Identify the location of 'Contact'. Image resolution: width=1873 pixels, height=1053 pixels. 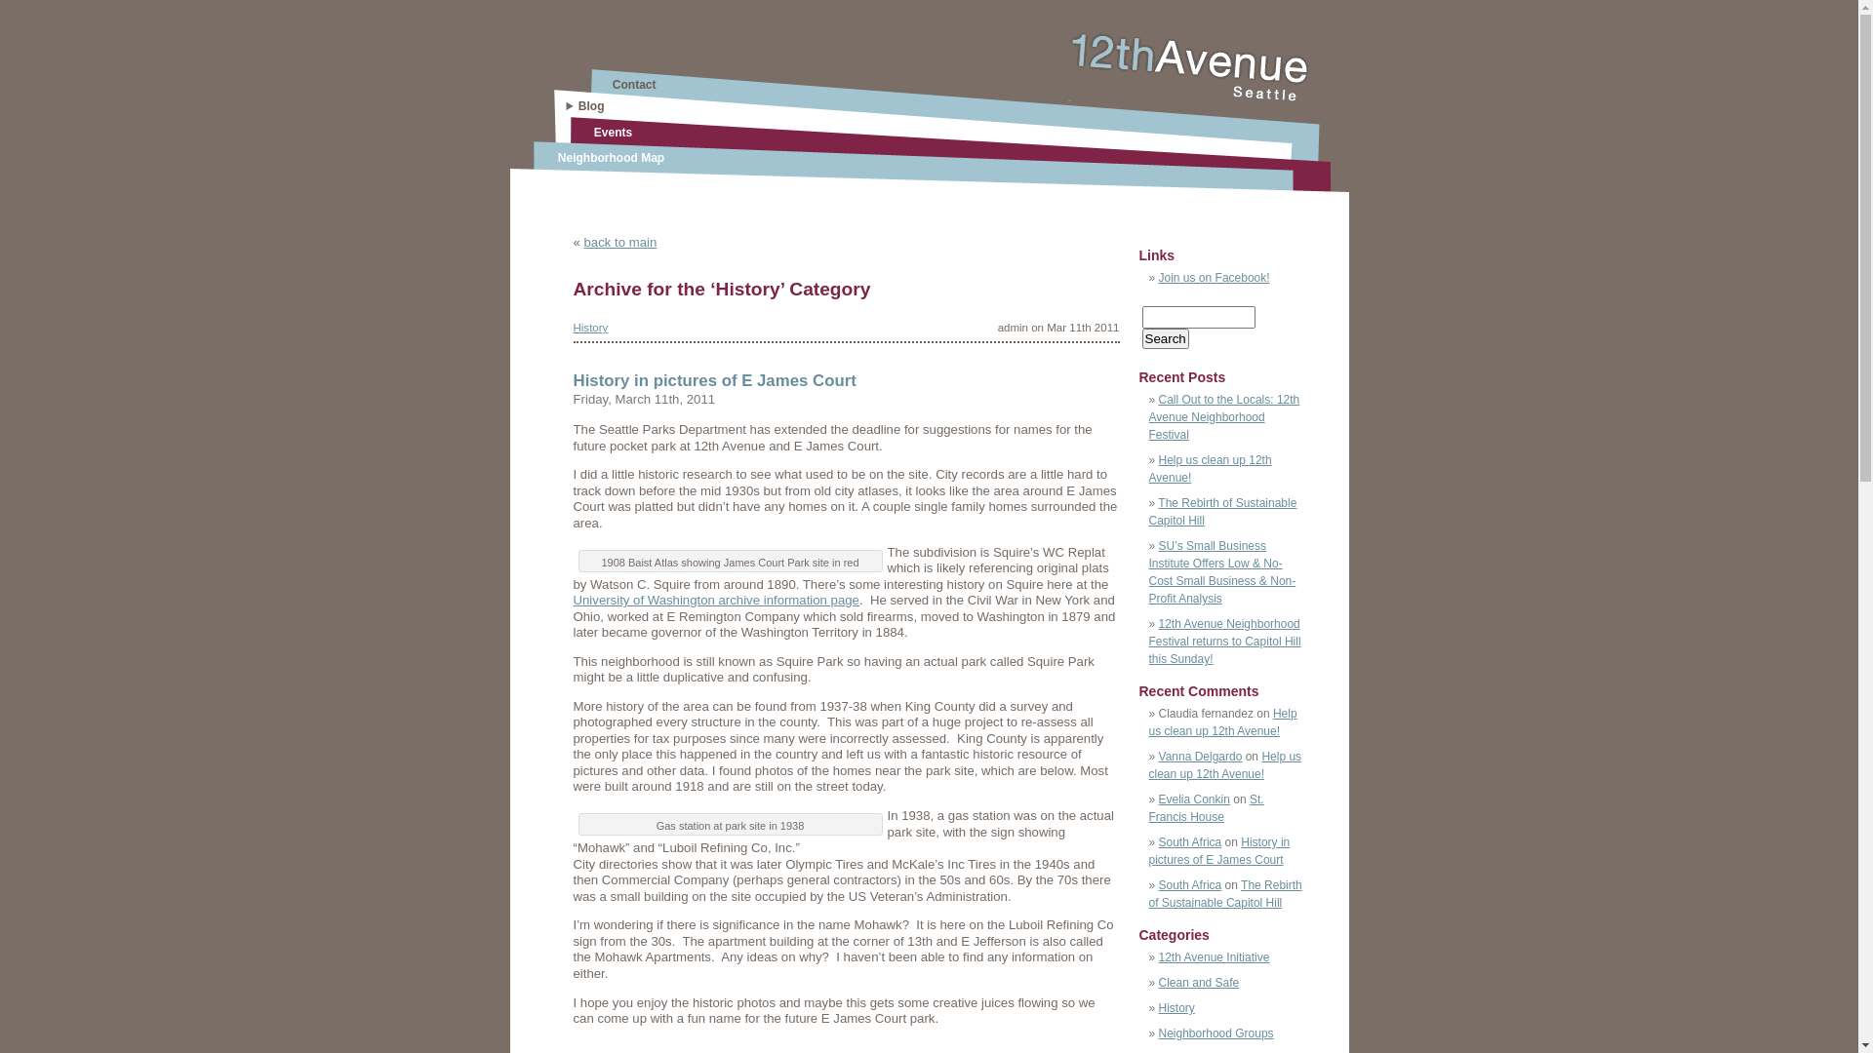
(634, 84).